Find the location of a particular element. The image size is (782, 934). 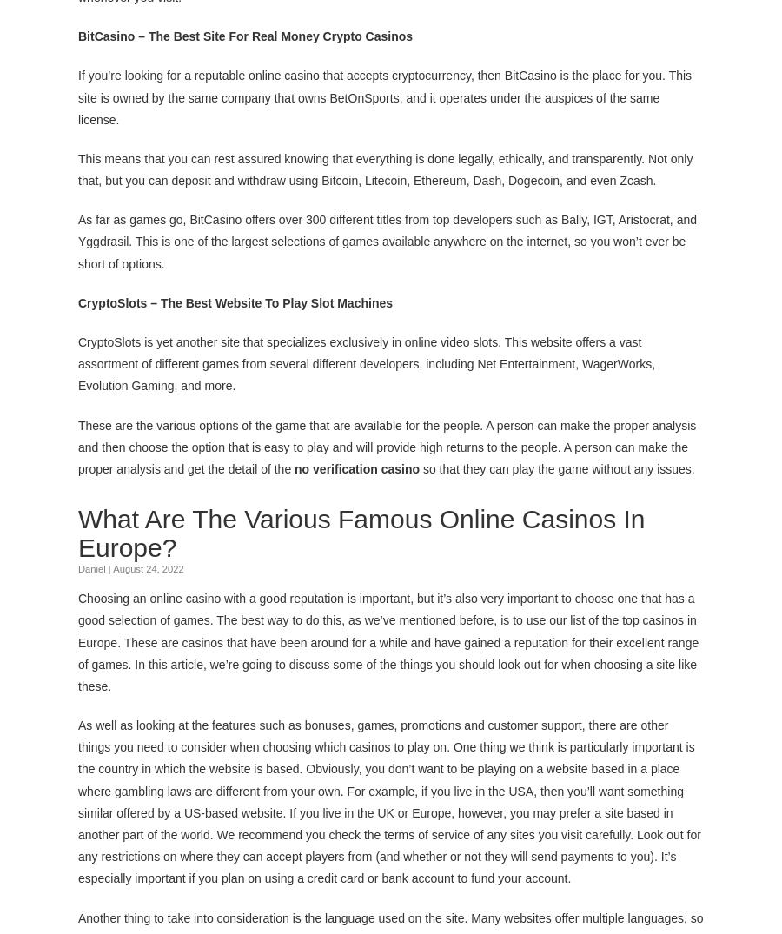

'What Are The Various Famous Online Casinos In Europe?' is located at coordinates (361, 531).